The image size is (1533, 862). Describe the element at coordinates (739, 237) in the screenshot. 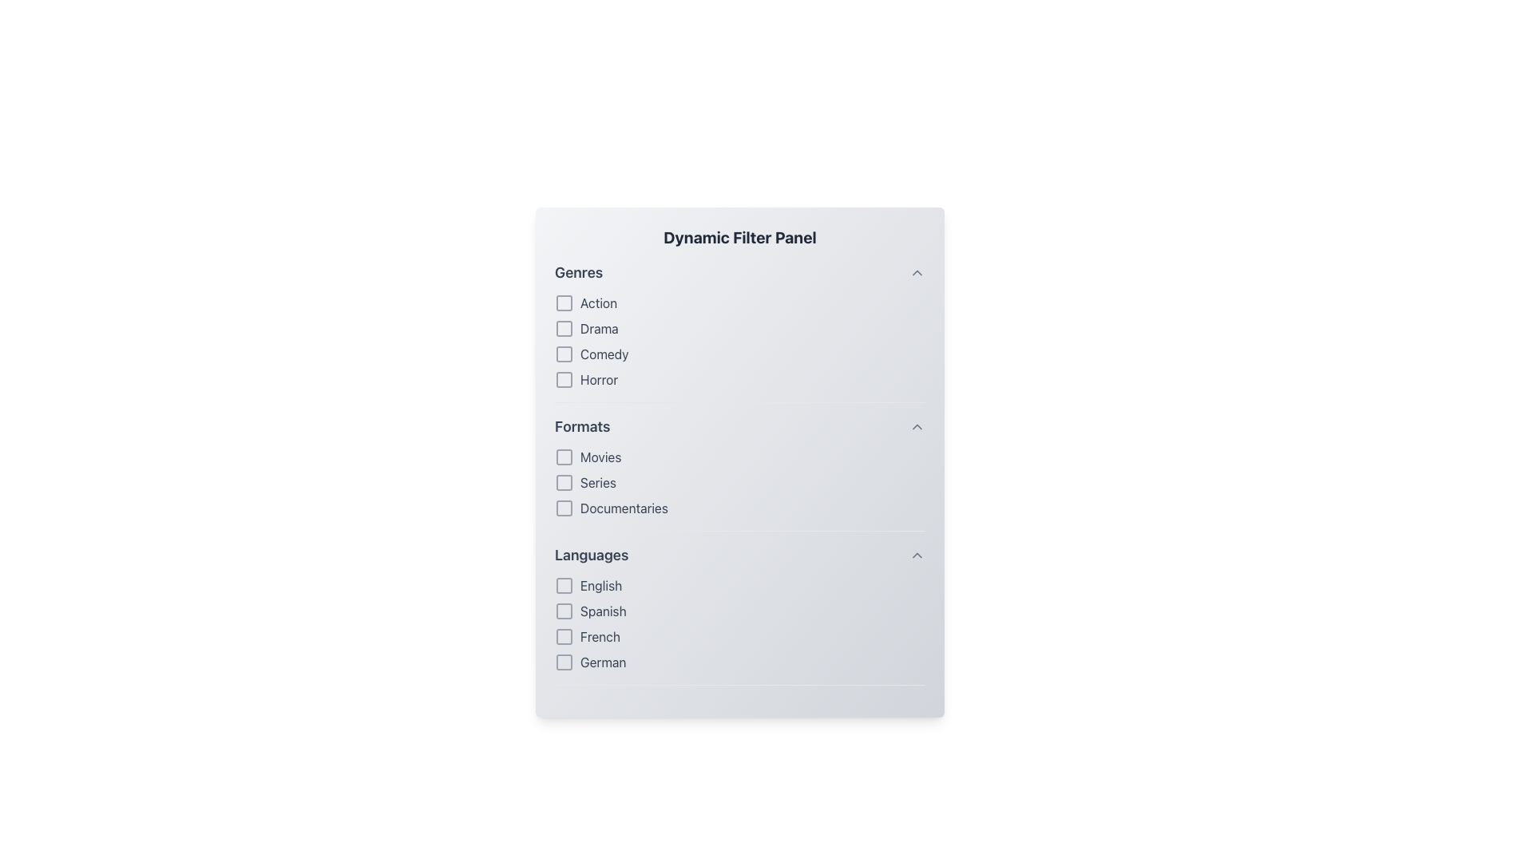

I see `the bold heading 'Dynamic Filter Panel' which is prominently displayed at the top of the light gray panel` at that location.